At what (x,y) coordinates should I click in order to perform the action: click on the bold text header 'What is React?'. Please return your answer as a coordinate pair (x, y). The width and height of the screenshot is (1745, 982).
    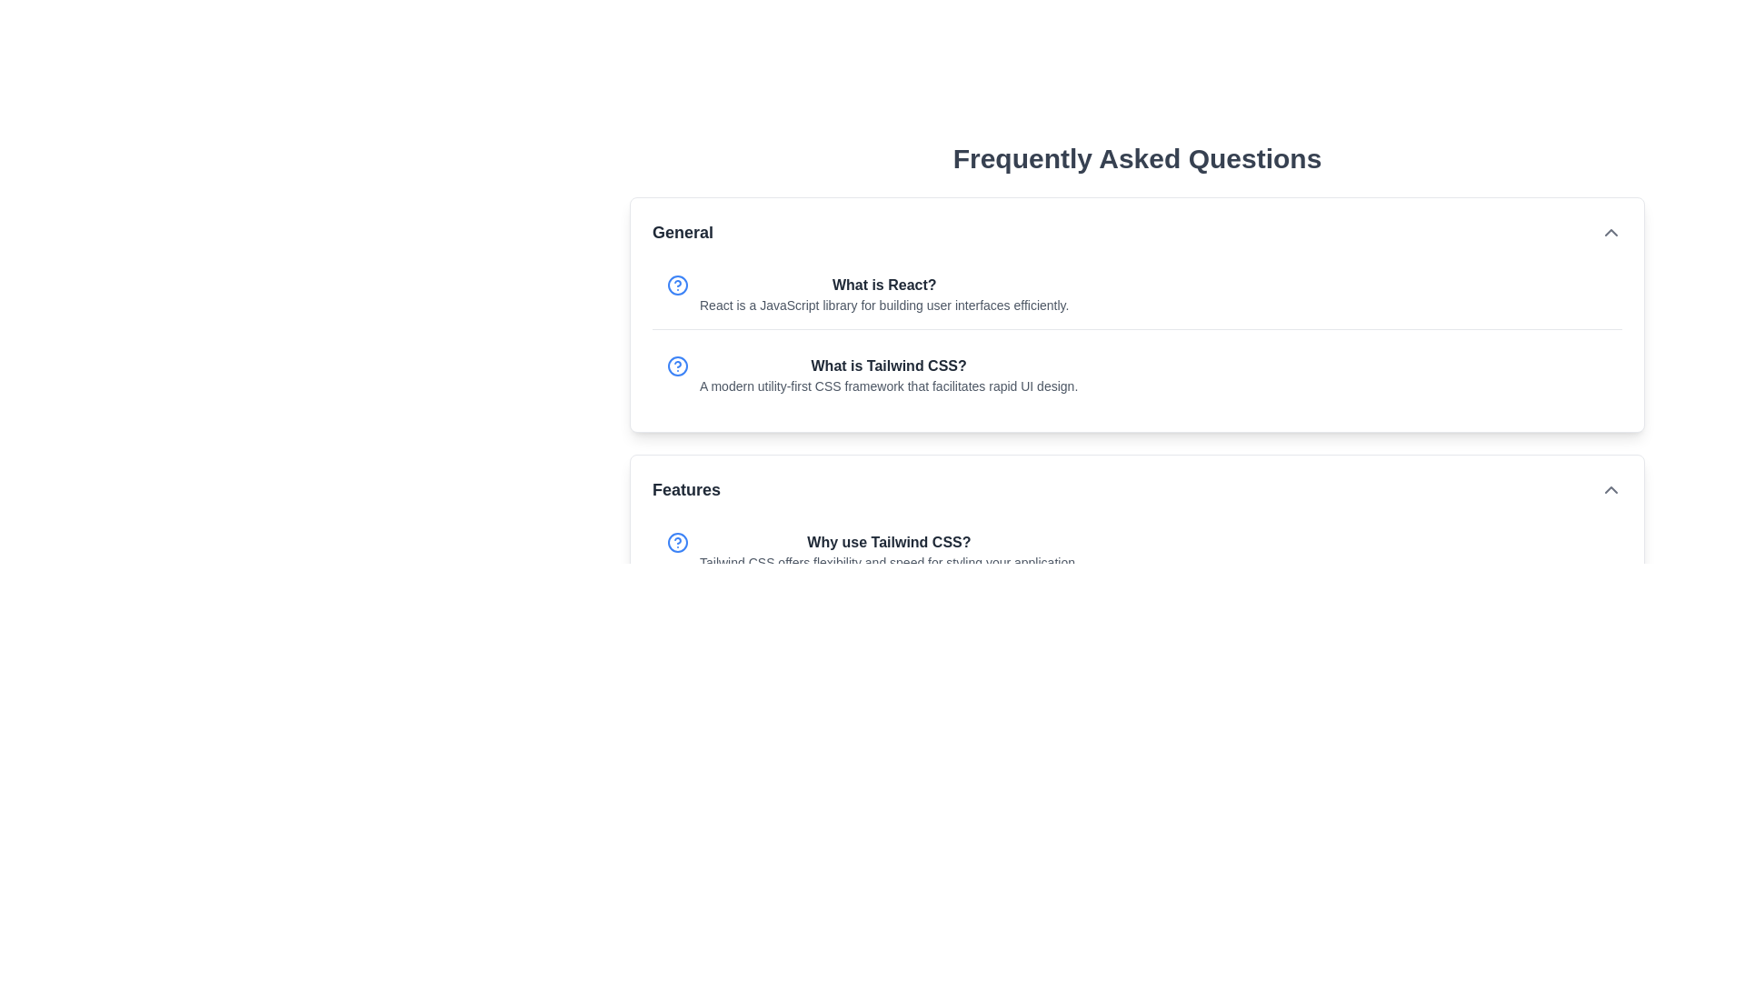
    Looking at the image, I should click on (884, 285).